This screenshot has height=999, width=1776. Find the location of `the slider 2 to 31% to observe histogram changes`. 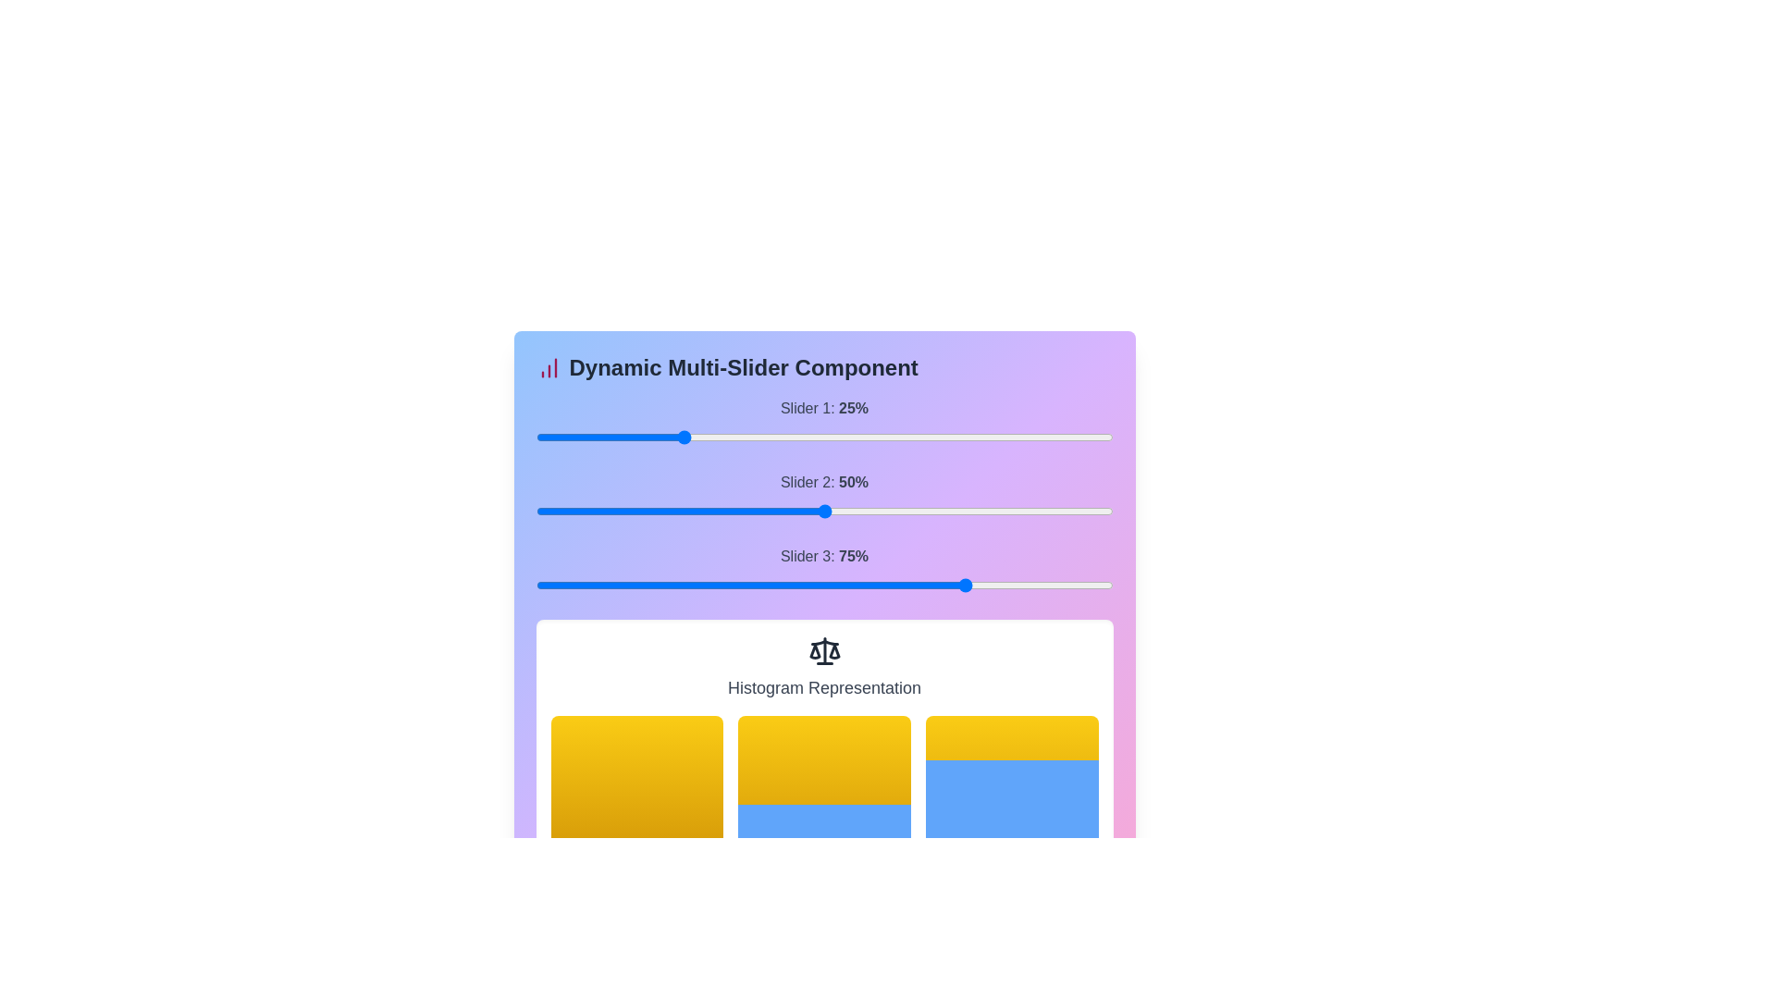

the slider 2 to 31% to observe histogram changes is located at coordinates (914, 511).